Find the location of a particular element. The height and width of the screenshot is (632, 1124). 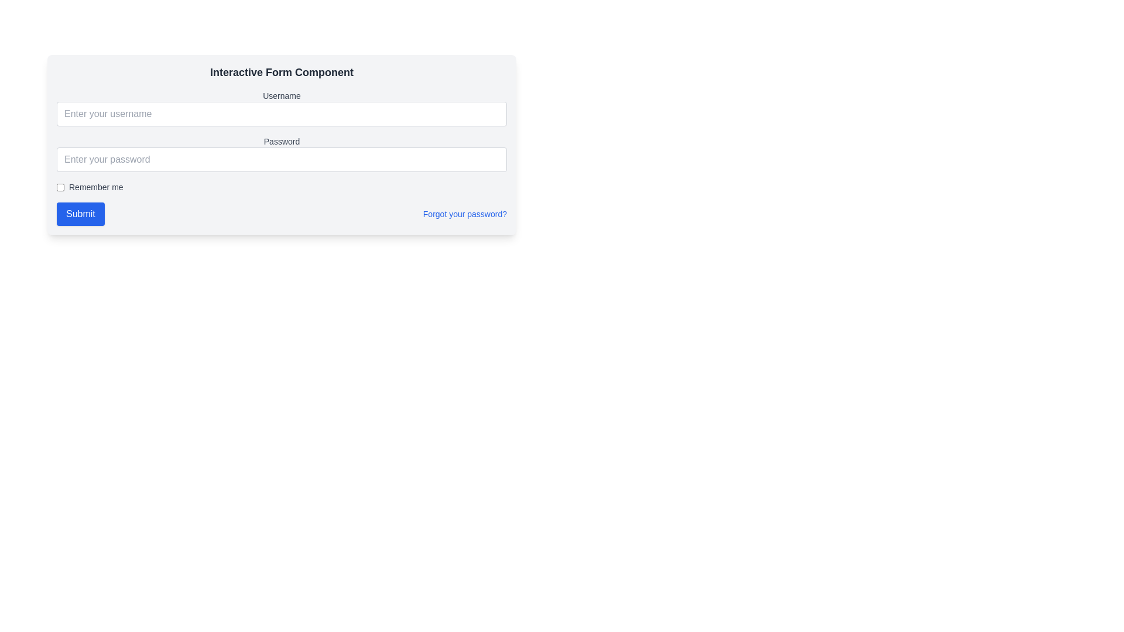

the 'Username' text label which provides guidance for the username input field located above the input box in the form layout is located at coordinates (282, 95).